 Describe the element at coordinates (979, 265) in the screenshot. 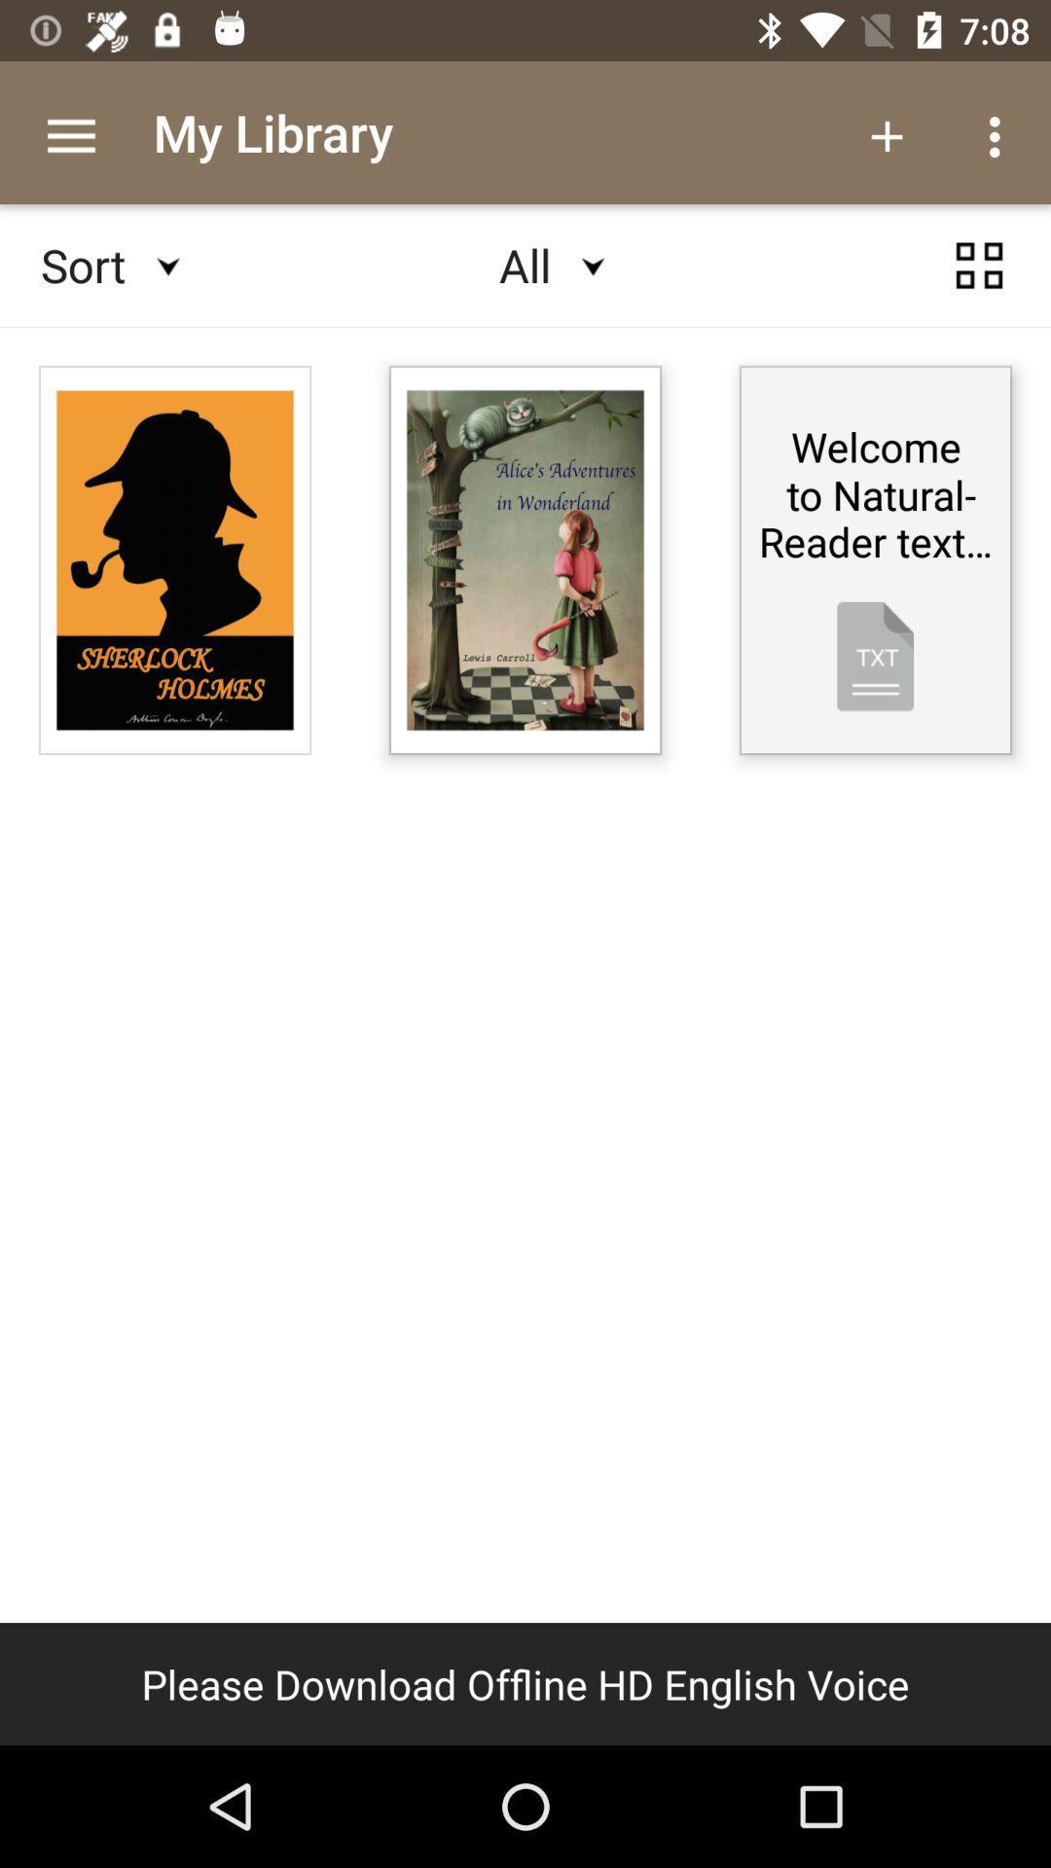

I see `menu` at that location.